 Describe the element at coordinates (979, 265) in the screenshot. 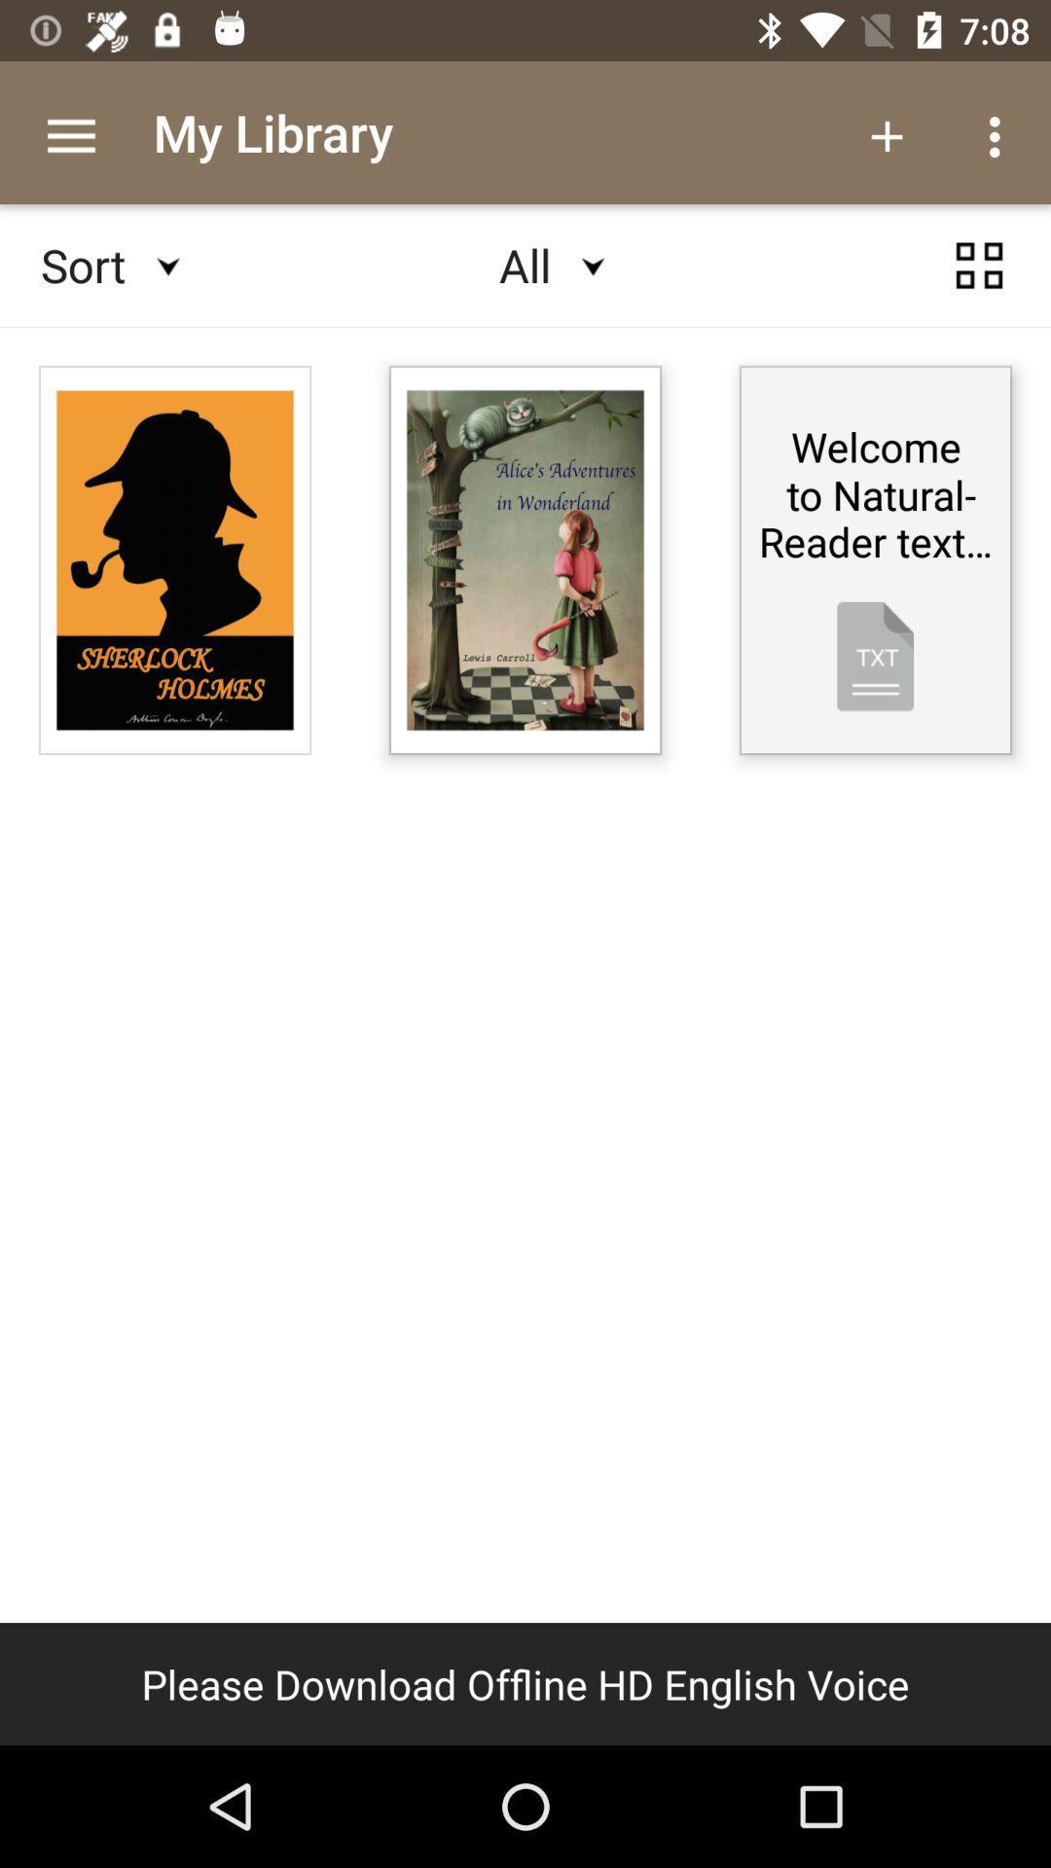

I see `menu` at that location.